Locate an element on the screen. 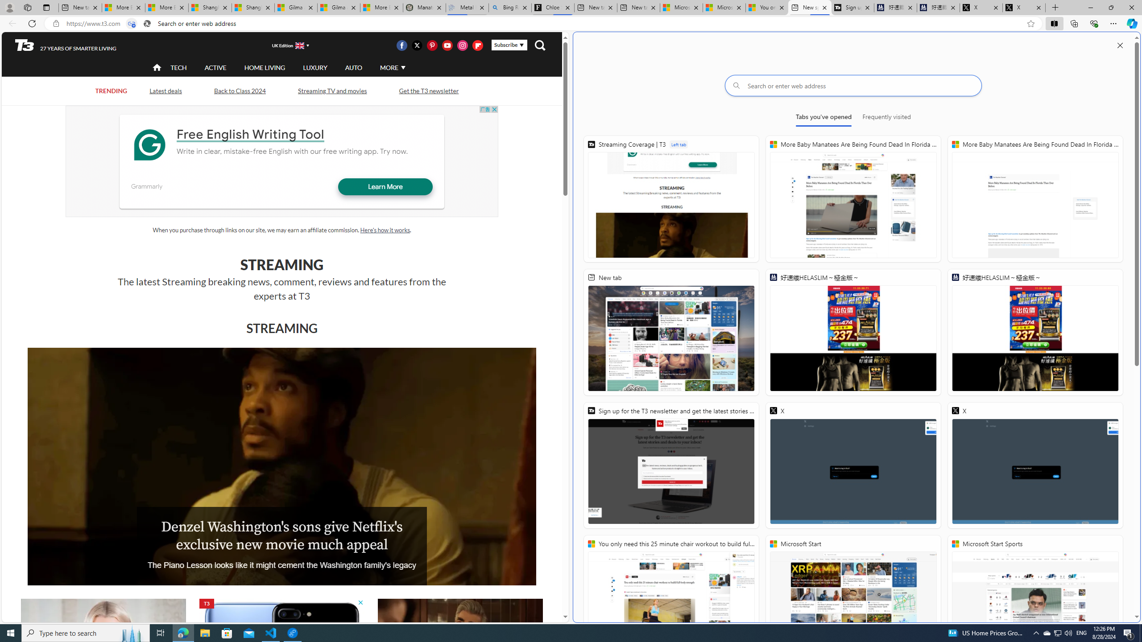 This screenshot has height=642, width=1142. 'Visit us on Pintrest' is located at coordinates (431, 45).